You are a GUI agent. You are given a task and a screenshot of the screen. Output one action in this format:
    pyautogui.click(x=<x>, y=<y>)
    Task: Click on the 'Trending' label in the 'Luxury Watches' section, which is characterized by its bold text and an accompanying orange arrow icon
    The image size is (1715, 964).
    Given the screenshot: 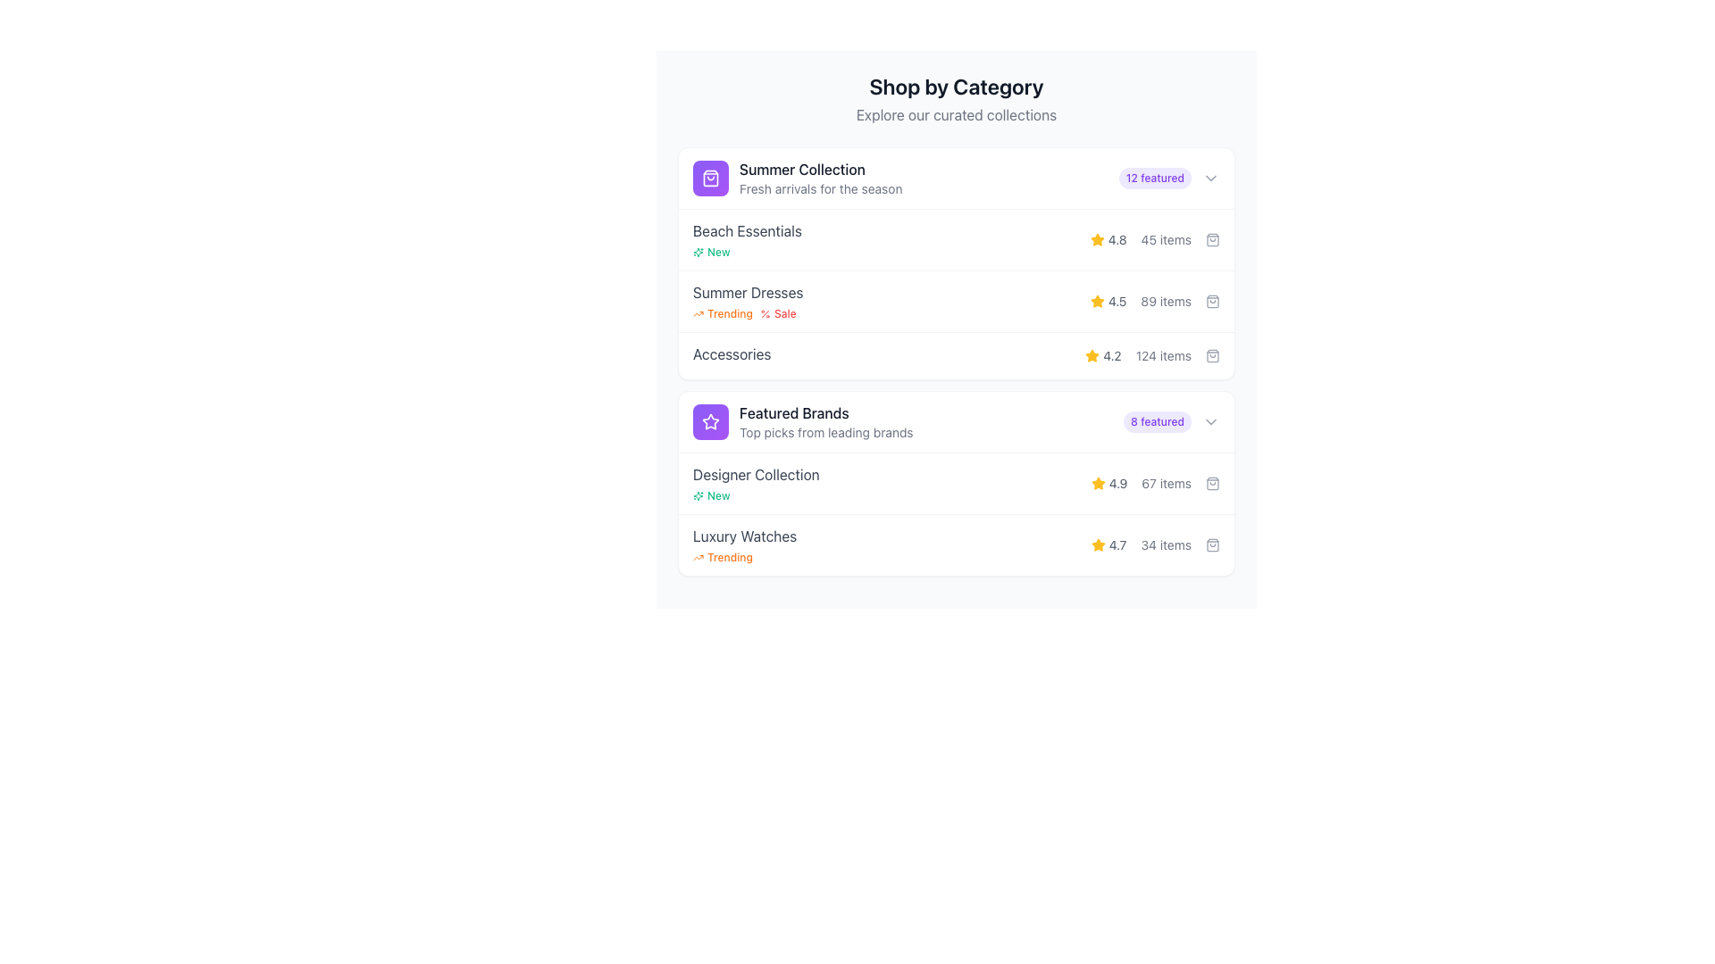 What is the action you would take?
    pyautogui.click(x=745, y=544)
    